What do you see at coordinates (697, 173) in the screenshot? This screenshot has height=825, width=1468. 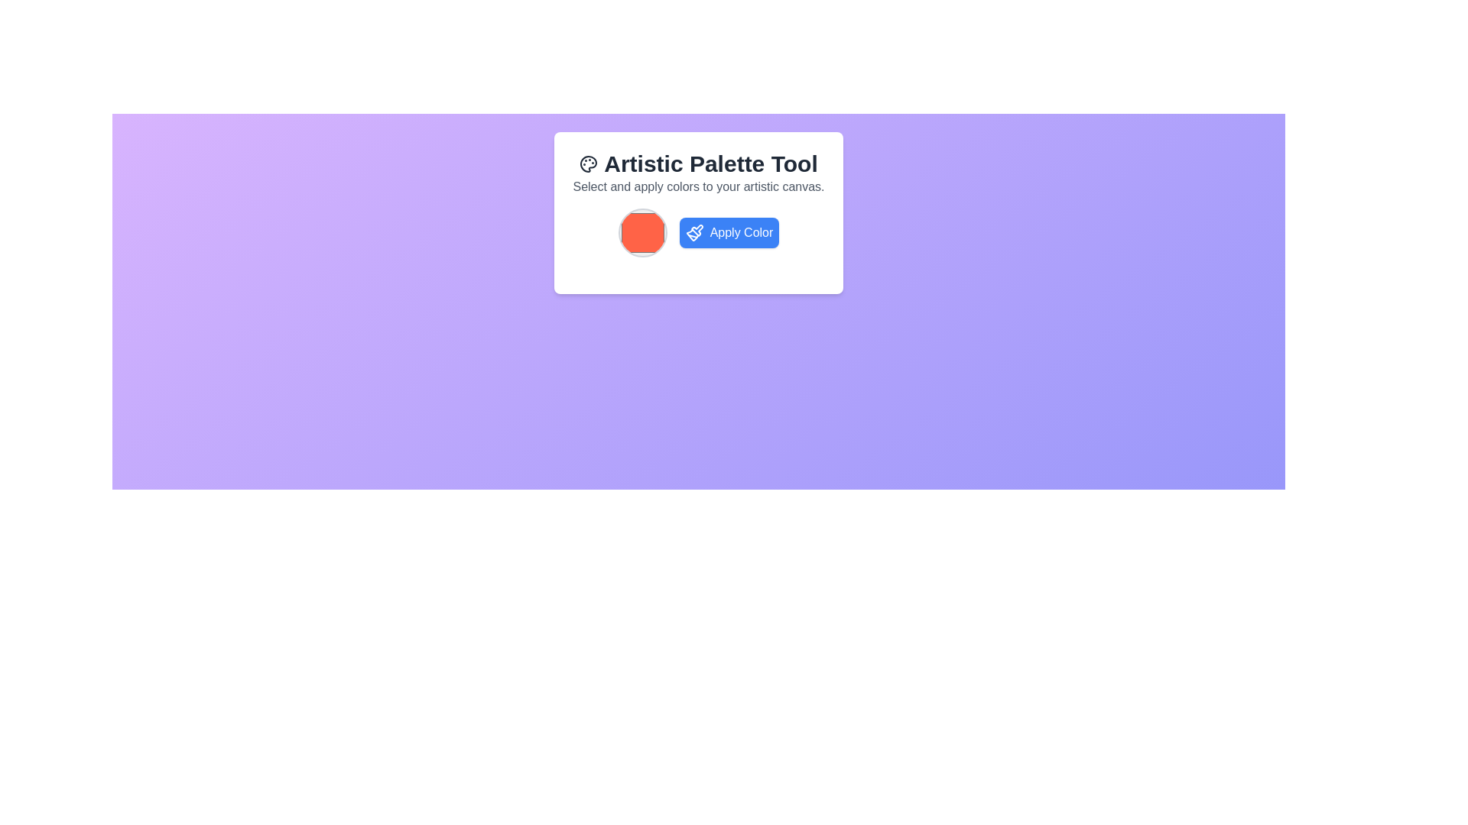 I see `the Informational Header element titled 'Artistic Palette Tool', which features a palette icon and a subtitle about selecting colors` at bounding box center [697, 173].